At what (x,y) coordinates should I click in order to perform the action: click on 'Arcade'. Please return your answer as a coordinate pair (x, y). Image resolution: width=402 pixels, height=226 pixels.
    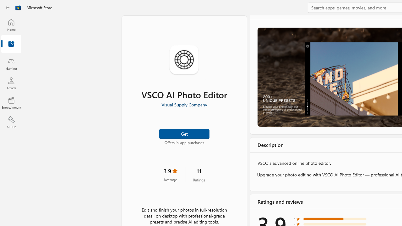
    Looking at the image, I should click on (11, 83).